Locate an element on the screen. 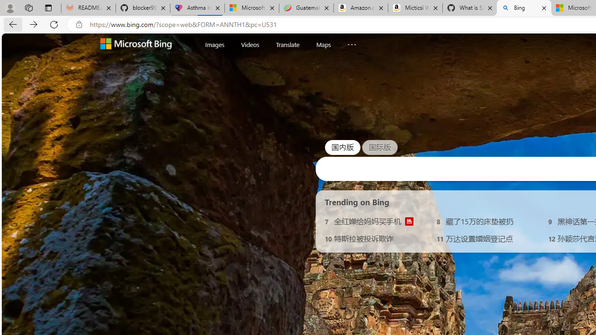 This screenshot has height=335, width=596. 'Images' is located at coordinates (214, 44).